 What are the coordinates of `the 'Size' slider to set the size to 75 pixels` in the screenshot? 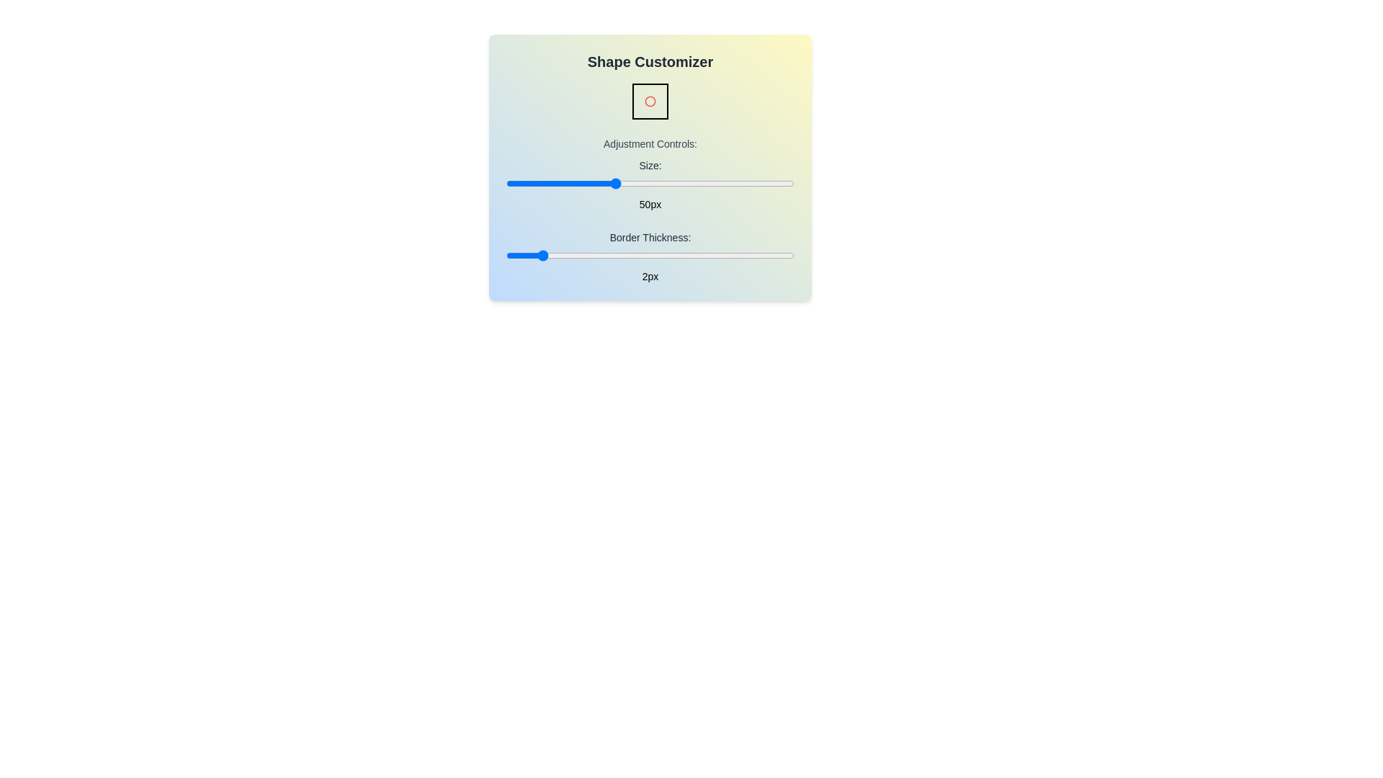 It's located at (704, 182).